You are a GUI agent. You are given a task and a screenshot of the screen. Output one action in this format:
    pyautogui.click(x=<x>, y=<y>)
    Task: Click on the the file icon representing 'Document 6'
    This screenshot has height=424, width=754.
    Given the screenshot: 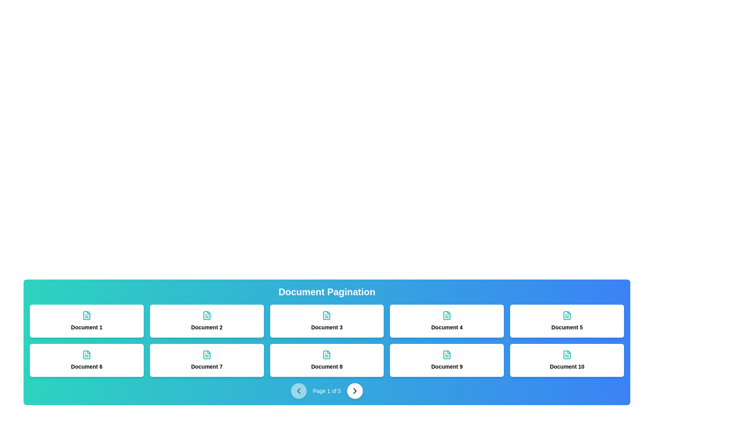 What is the action you would take?
    pyautogui.click(x=86, y=355)
    